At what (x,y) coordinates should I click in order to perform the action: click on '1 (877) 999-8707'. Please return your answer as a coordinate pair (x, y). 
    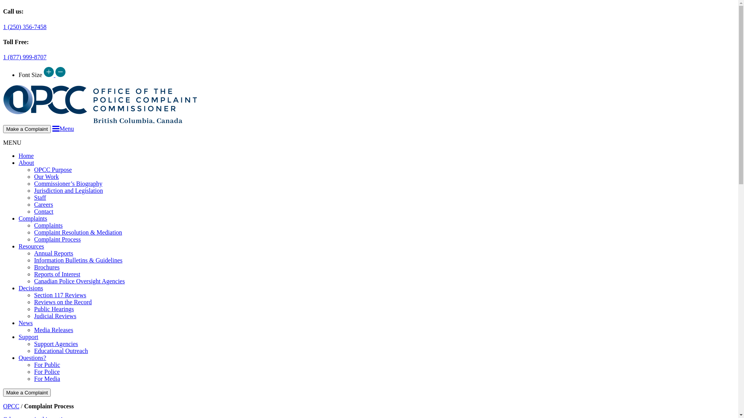
    Looking at the image, I should click on (24, 57).